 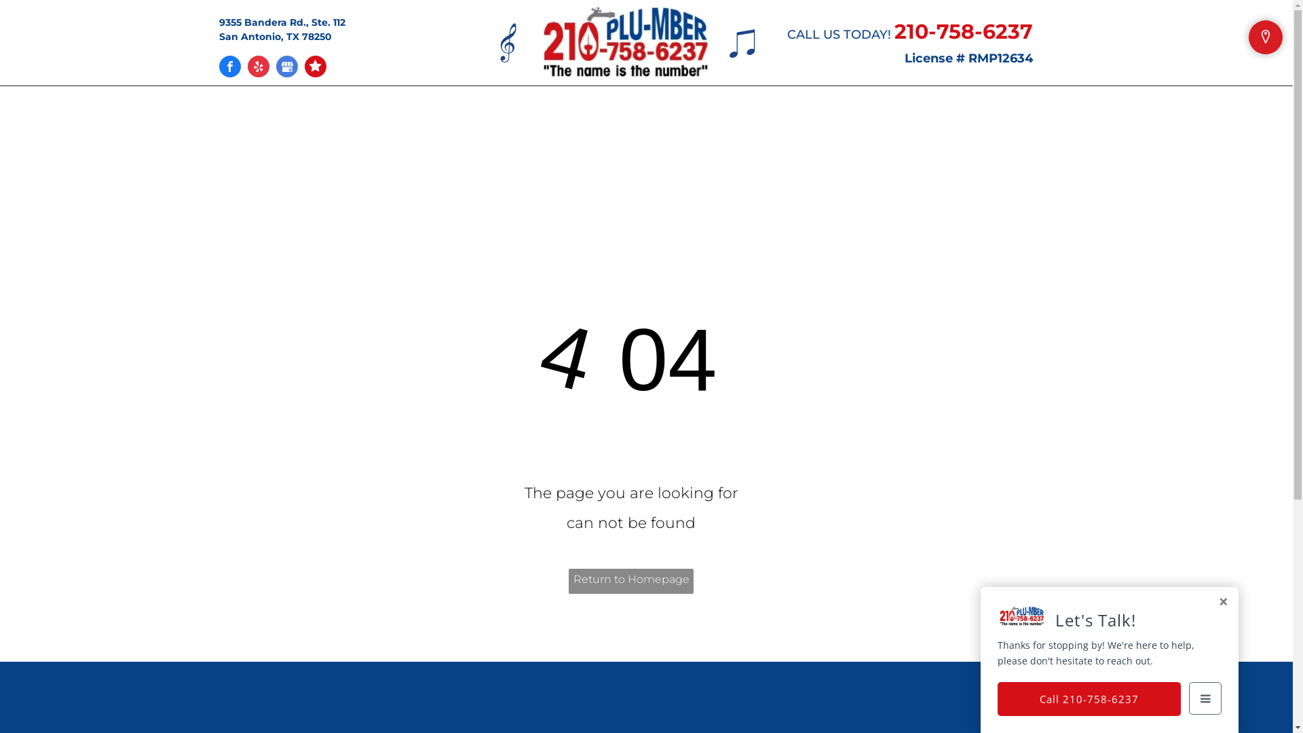 What do you see at coordinates (963, 31) in the screenshot?
I see `'210-758-6237'` at bounding box center [963, 31].